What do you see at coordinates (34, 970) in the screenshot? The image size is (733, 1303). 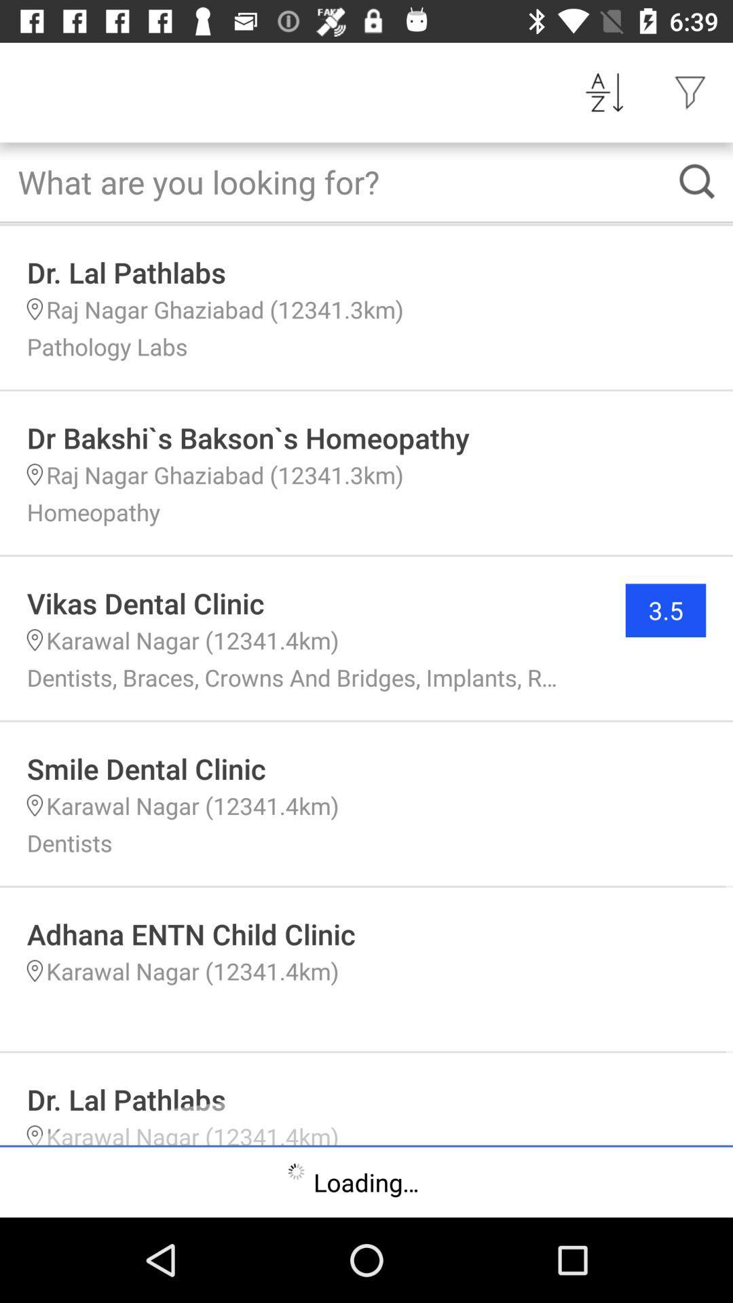 I see `the location option below adhana child clinic` at bounding box center [34, 970].